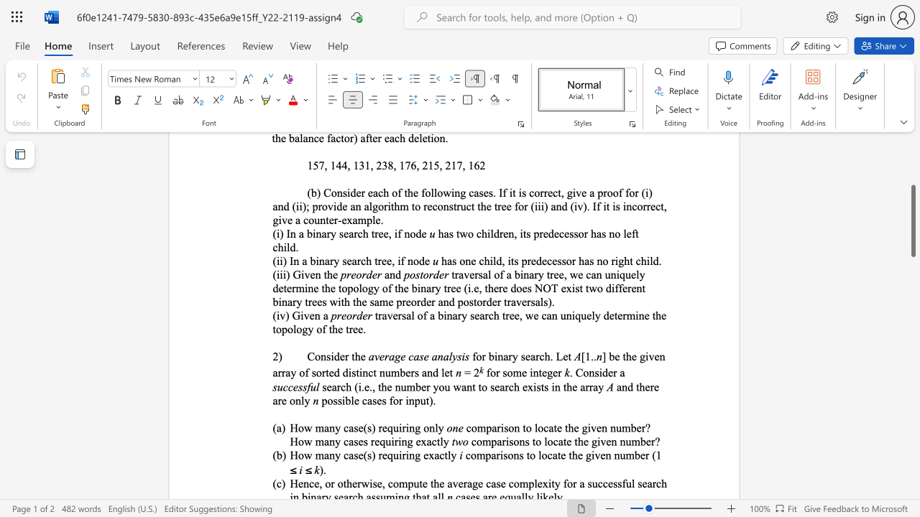  Describe the element at coordinates (644, 386) in the screenshot. I see `the subset text "ere a" within the text "and there are only"` at that location.